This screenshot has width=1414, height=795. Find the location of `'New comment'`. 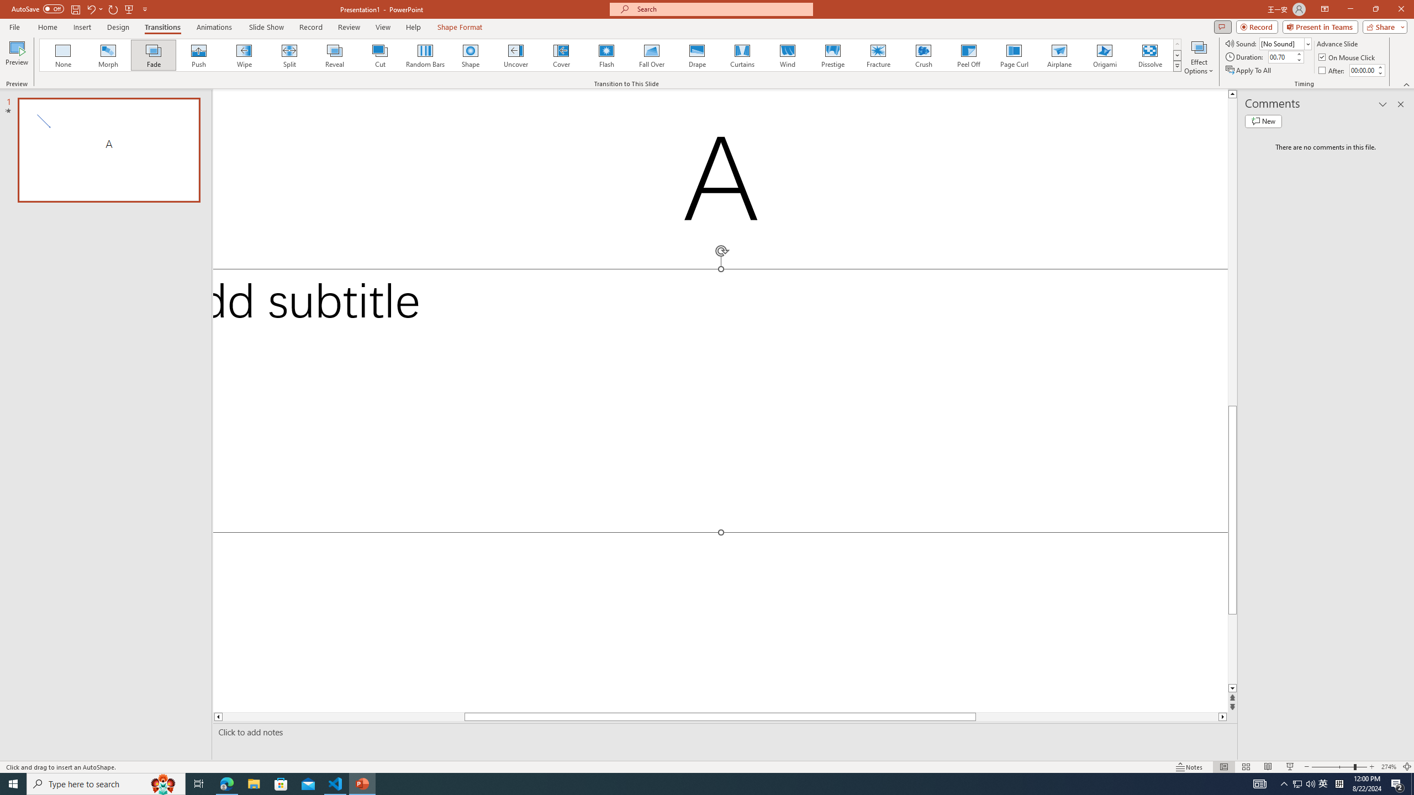

'New comment' is located at coordinates (1263, 120).